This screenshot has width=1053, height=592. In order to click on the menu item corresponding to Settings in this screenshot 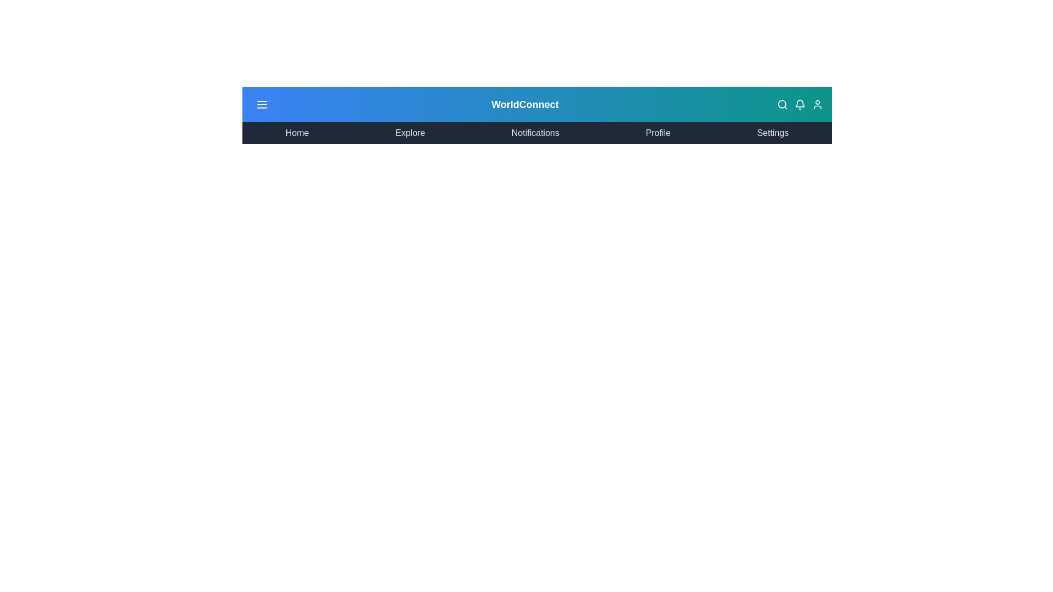, I will do `click(772, 133)`.